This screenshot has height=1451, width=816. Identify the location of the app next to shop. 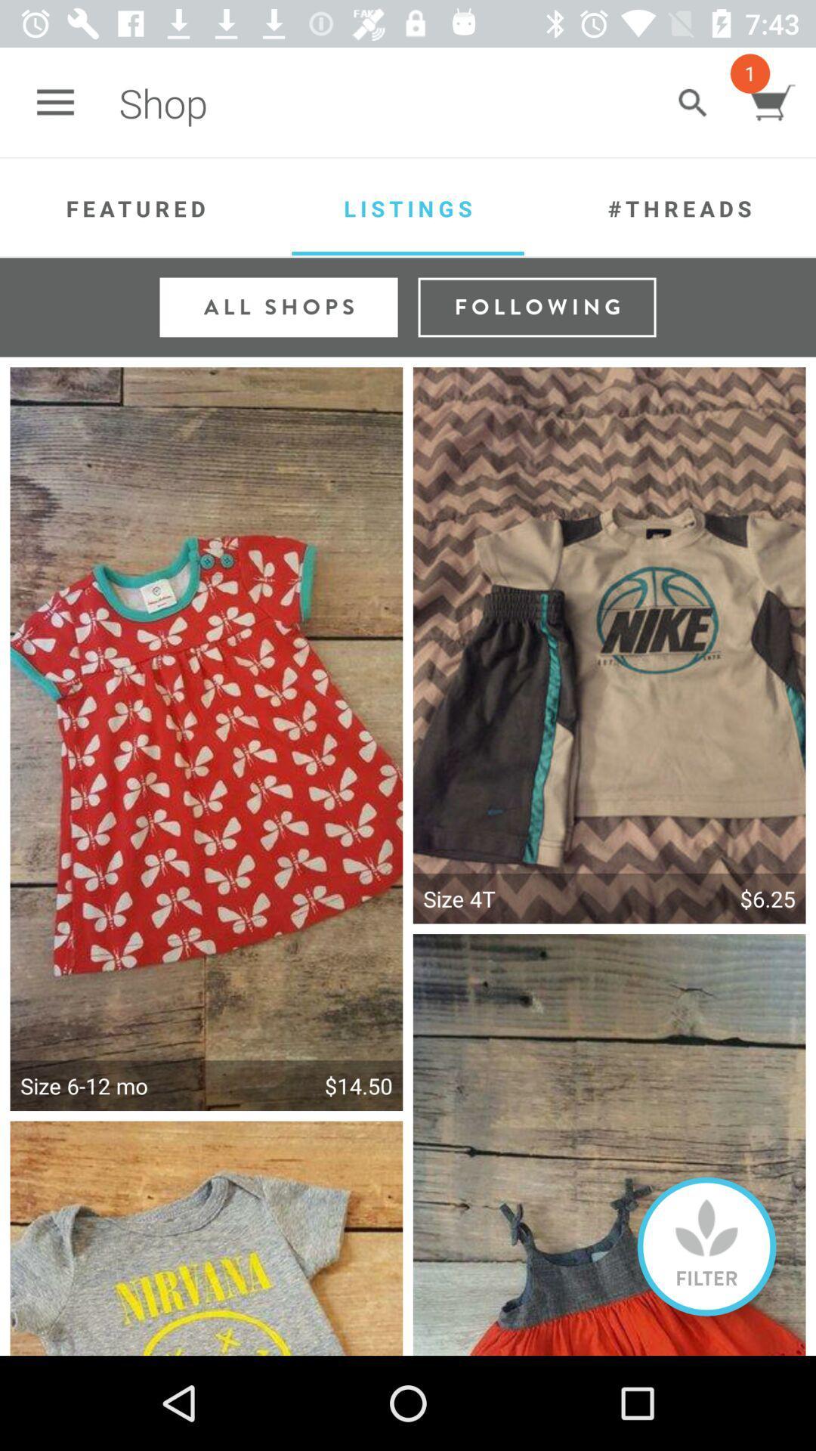
(54, 102).